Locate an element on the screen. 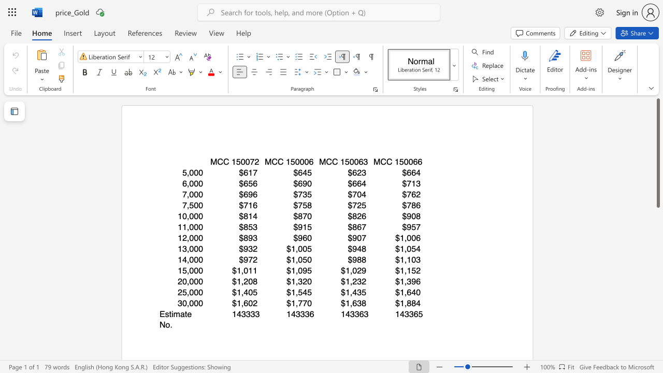 The height and width of the screenshot is (373, 663). the scrollbar to move the page downward is located at coordinates (657, 254).